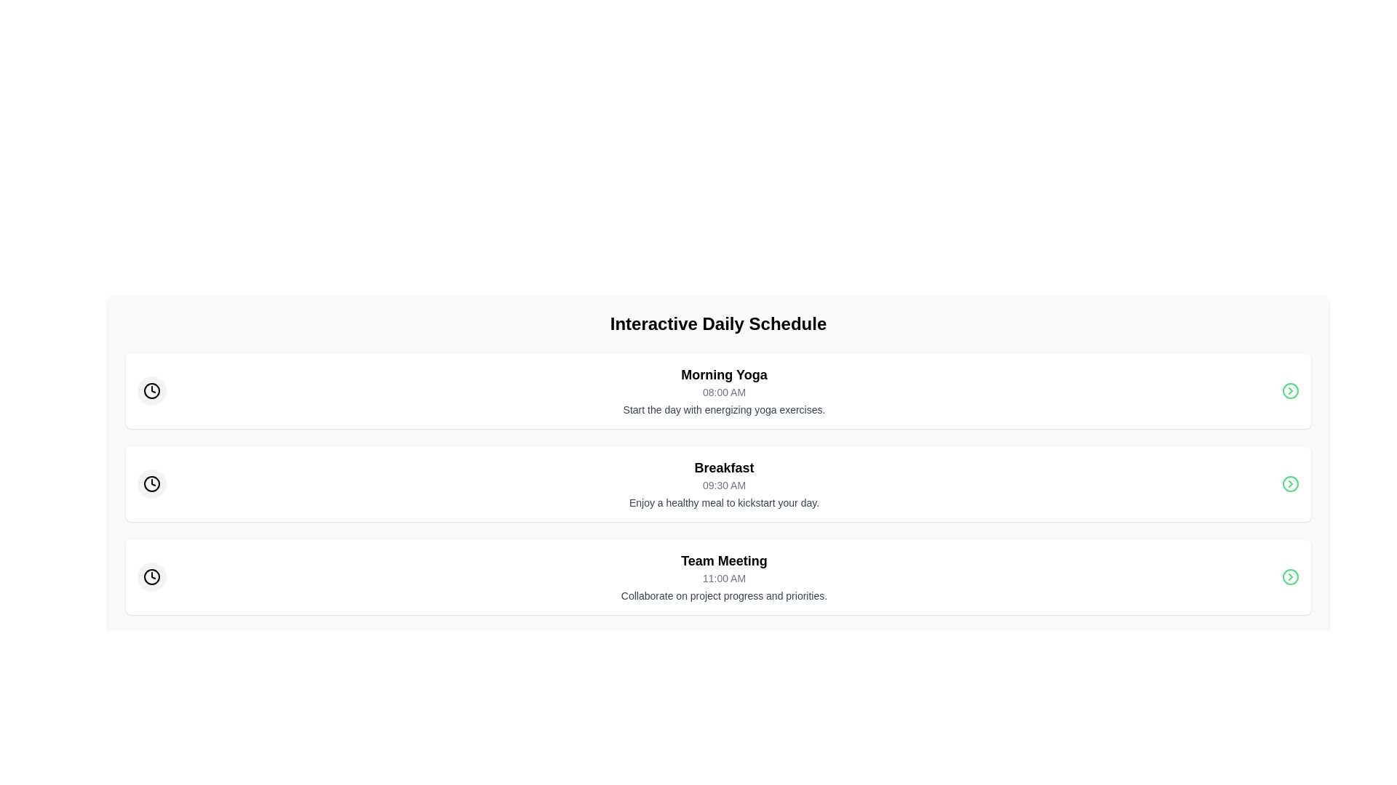 The image size is (1397, 785). Describe the element at coordinates (152, 576) in the screenshot. I see `the clock icon that signifies the time associated with the 'Team Meeting' event in the 'Interactive Daily Schedule' list` at that location.